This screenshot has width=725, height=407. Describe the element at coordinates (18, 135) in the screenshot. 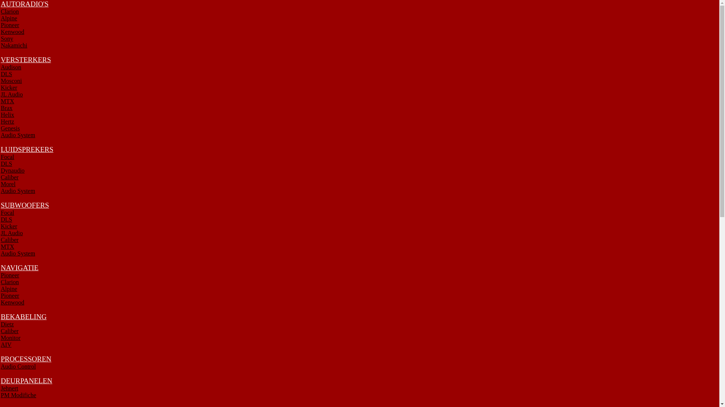

I see `'Audio System'` at that location.